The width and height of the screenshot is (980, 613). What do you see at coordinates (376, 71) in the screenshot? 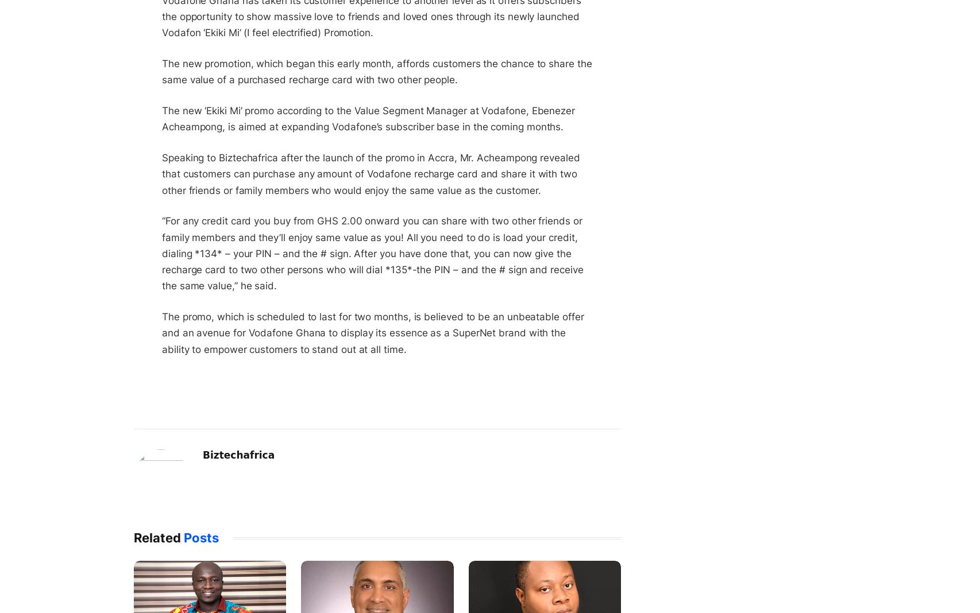
I see `'The new promotion, which began this early month, affords customers the chance to share the same value of a purchased recharge card with two other people.'` at bounding box center [376, 71].